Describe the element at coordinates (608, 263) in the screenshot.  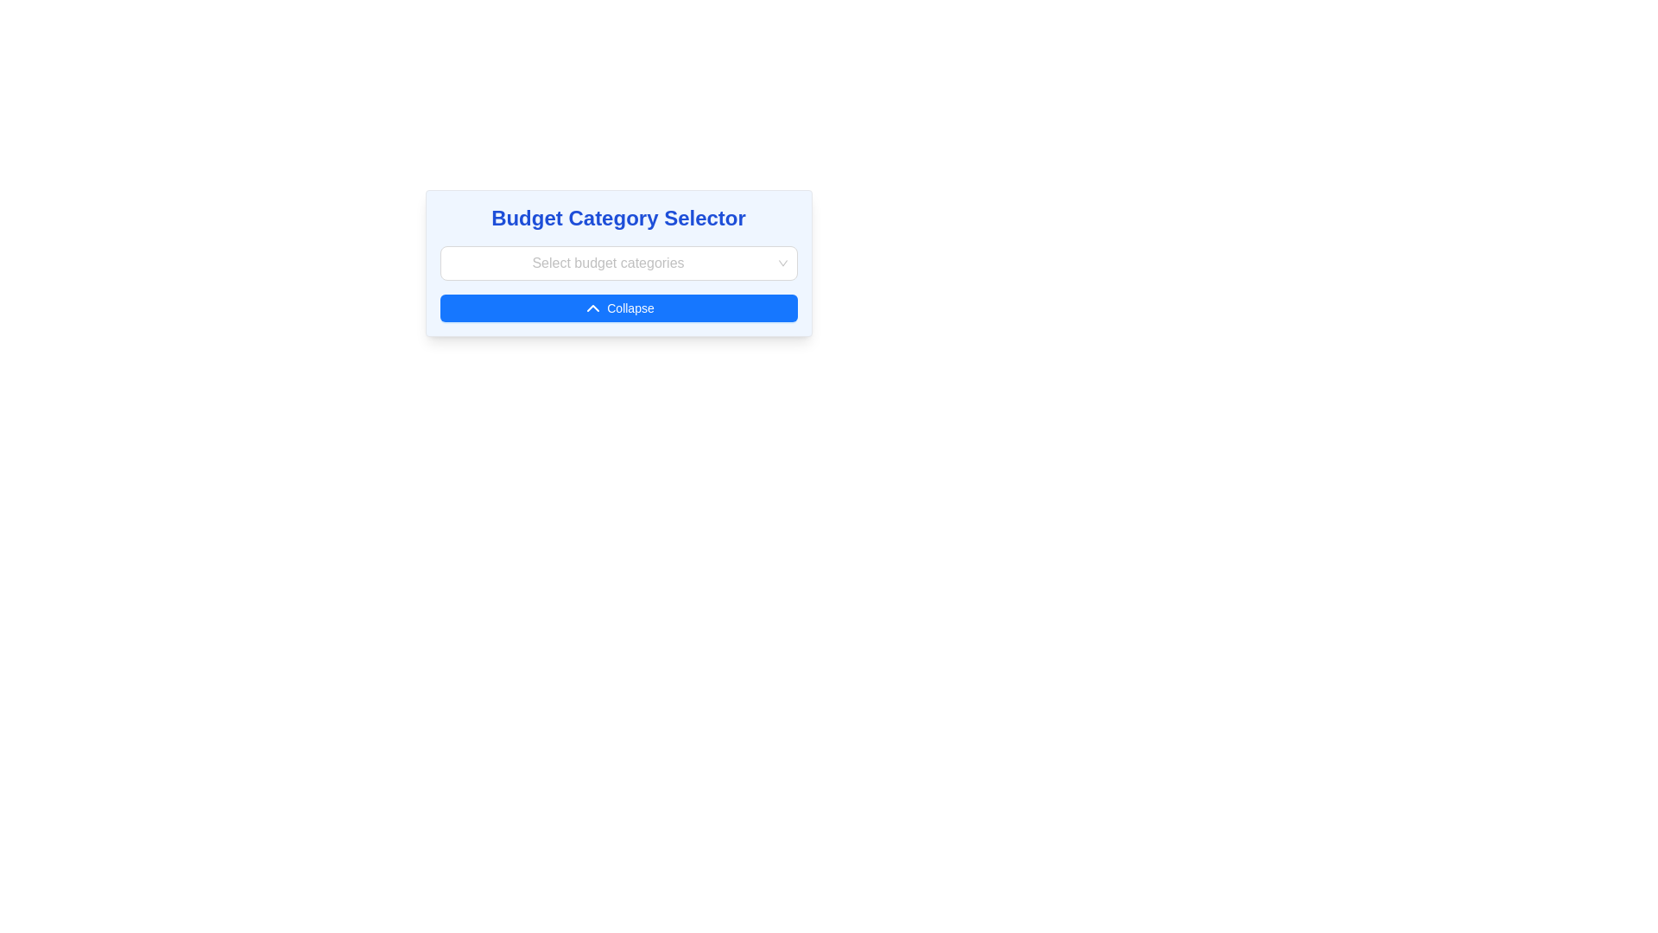
I see `text from the Text Placeholder within the 'Select budget categories' dropdown input field, which is centered below the 'Budget Category Selector'` at that location.